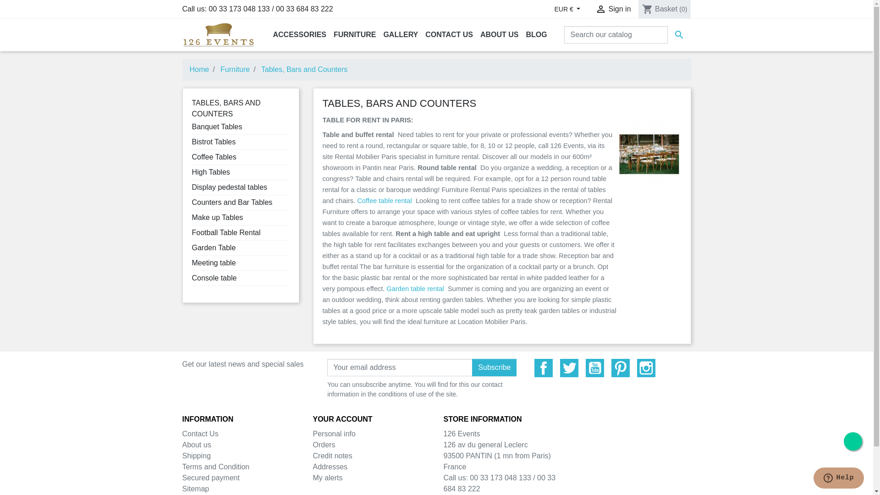  I want to click on 'YouTube', so click(594, 367).